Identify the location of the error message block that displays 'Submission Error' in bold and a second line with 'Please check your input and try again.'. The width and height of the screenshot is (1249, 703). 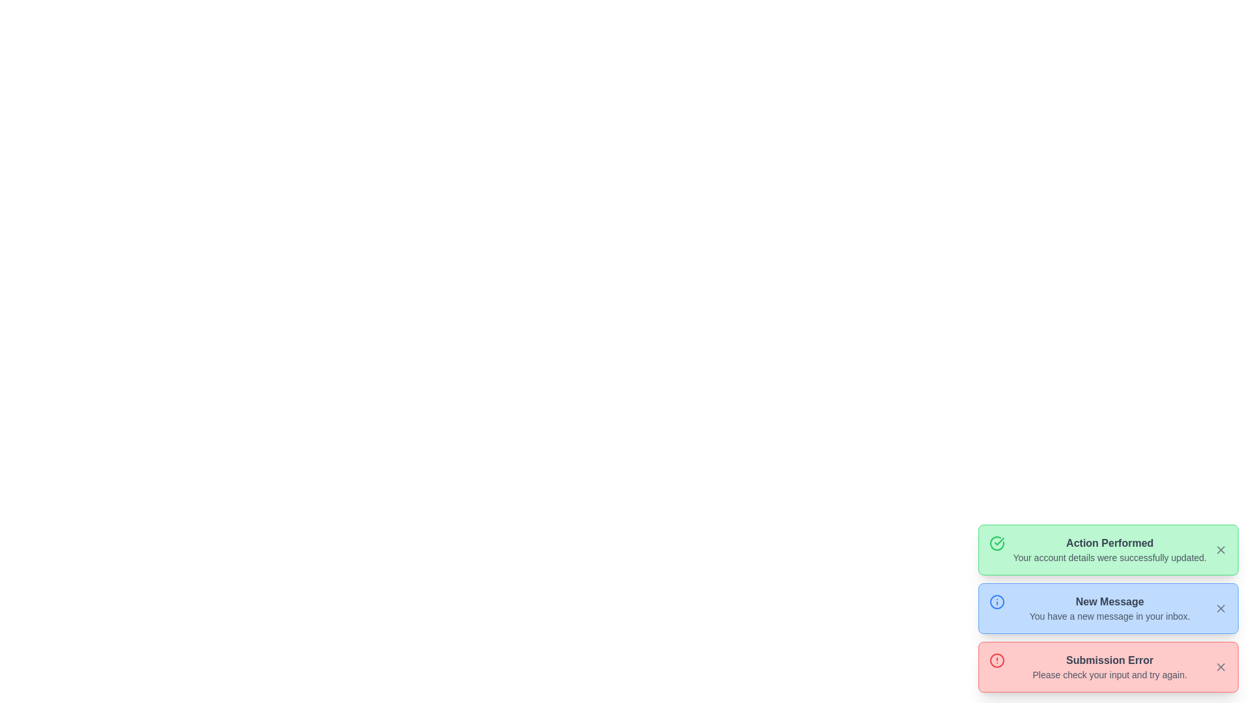
(1109, 667).